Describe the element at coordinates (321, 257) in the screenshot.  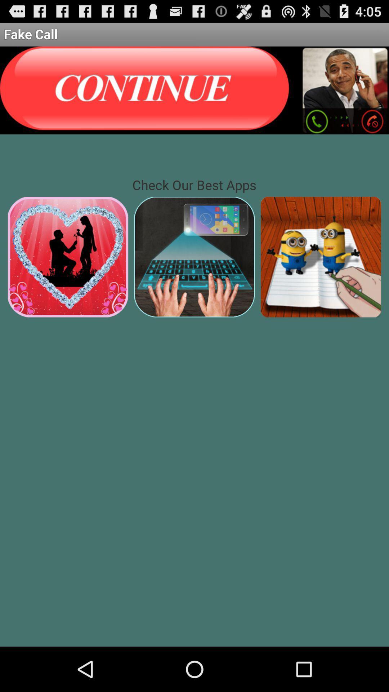
I see `highlighted area probably opens an unknown application on your phone` at that location.